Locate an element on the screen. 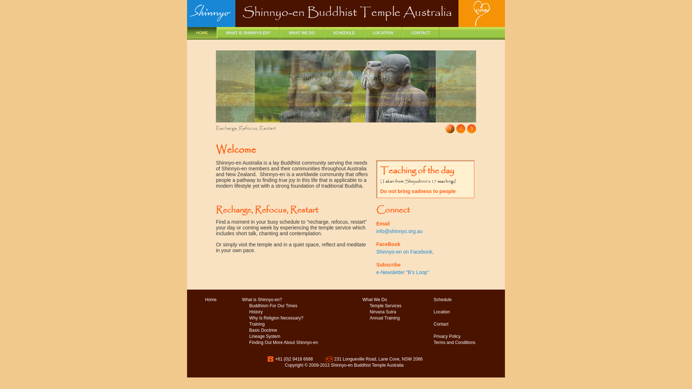  'Shinnyo-en on Facebook' is located at coordinates (404, 251).